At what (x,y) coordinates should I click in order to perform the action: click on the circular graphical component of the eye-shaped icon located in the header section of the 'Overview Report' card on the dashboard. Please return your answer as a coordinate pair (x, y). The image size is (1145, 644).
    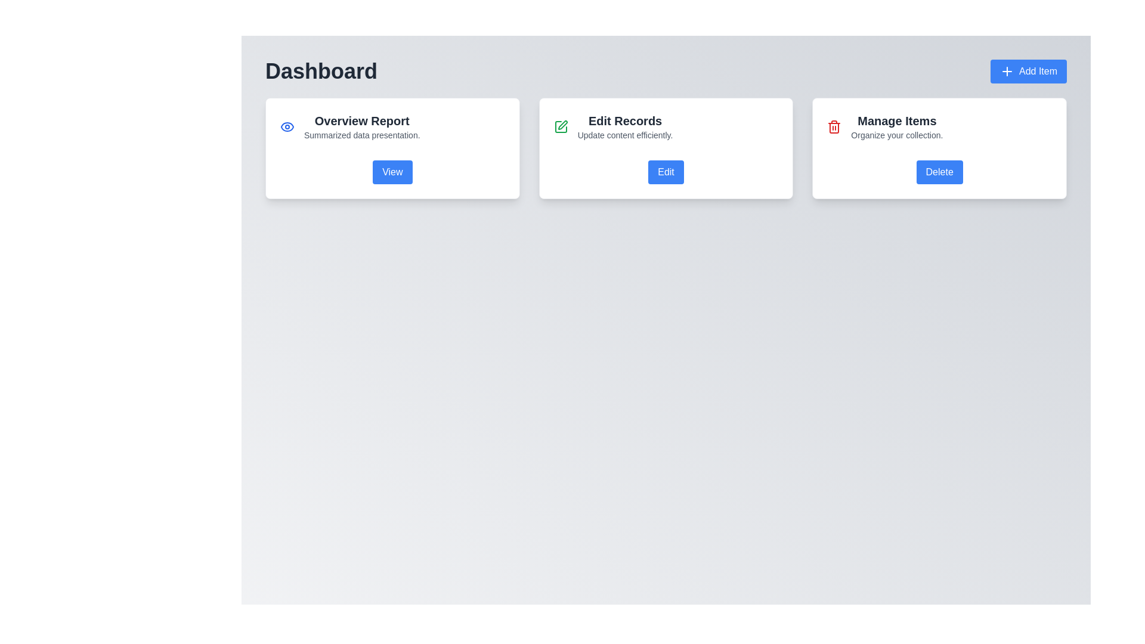
    Looking at the image, I should click on (287, 126).